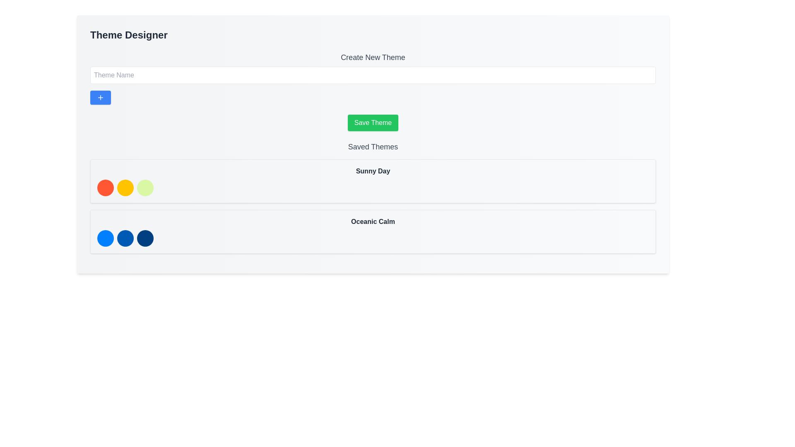 Image resolution: width=795 pixels, height=447 pixels. Describe the element at coordinates (105, 238) in the screenshot. I see `the first circular color indicator representing the 'Oceanic Calm' theme, which is the first circle from the left in the row of color indicators` at that location.